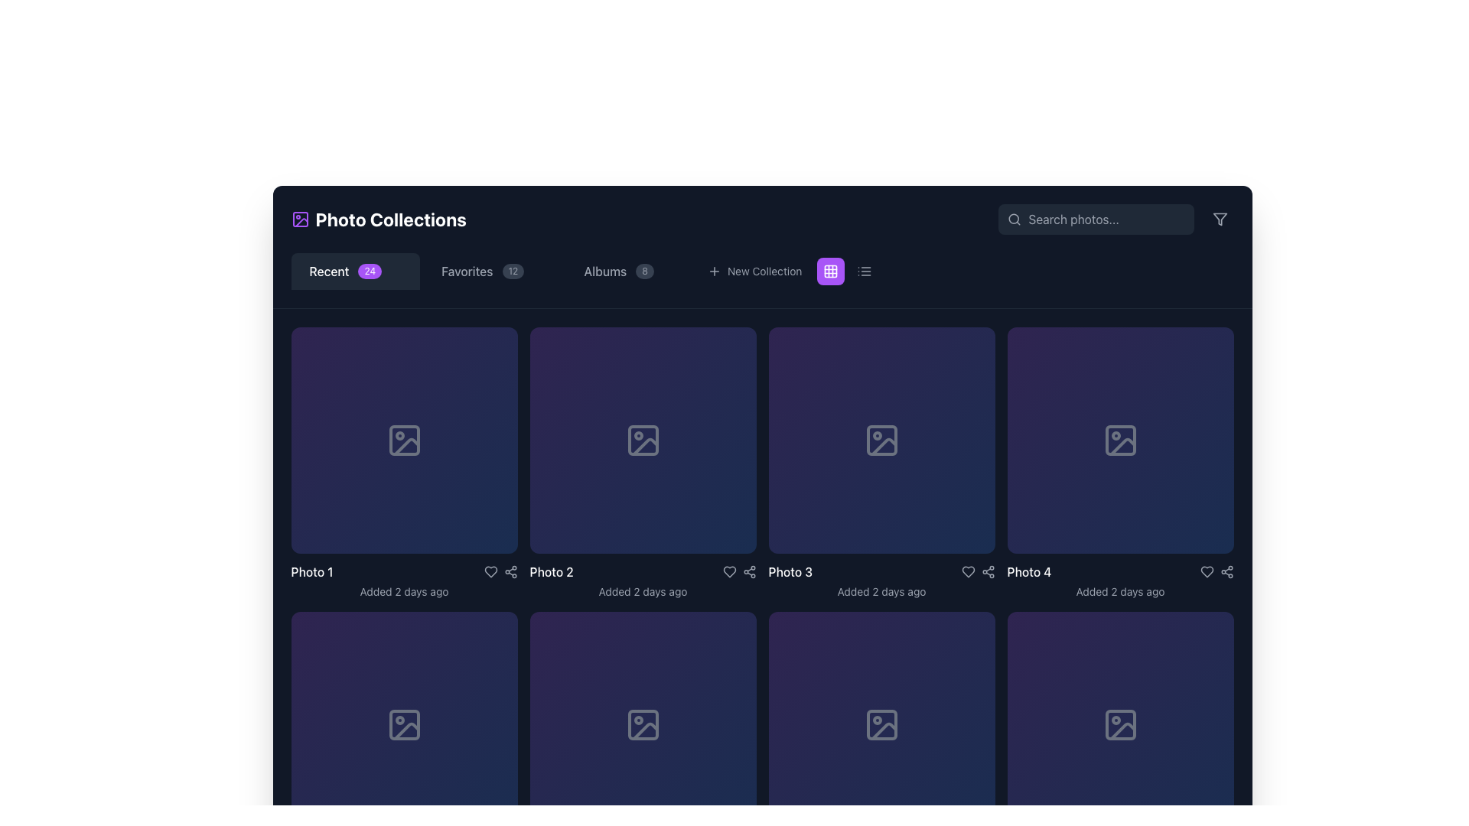 This screenshot has width=1469, height=826. Describe the element at coordinates (406, 447) in the screenshot. I see `the diagonal line with rounded corners in the SVG graphic representing an image placeholder, located at the center of the first card in the 'Recent' photo collection grid` at that location.